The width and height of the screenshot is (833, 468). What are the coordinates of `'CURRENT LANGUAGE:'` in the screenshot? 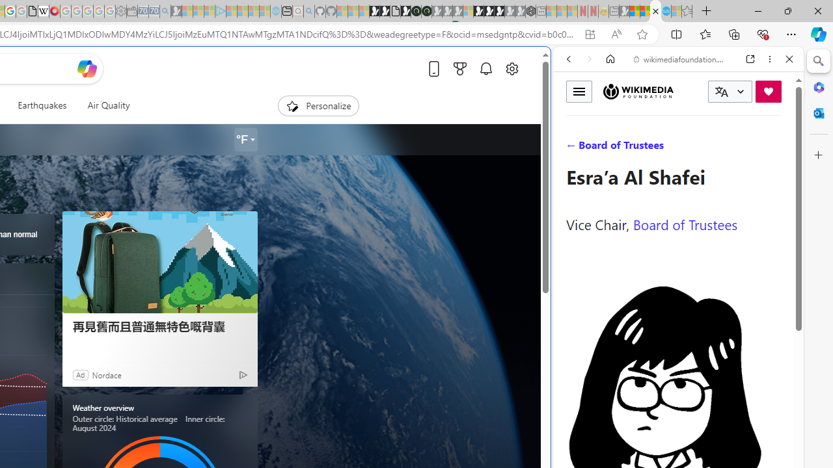 It's located at (730, 91).